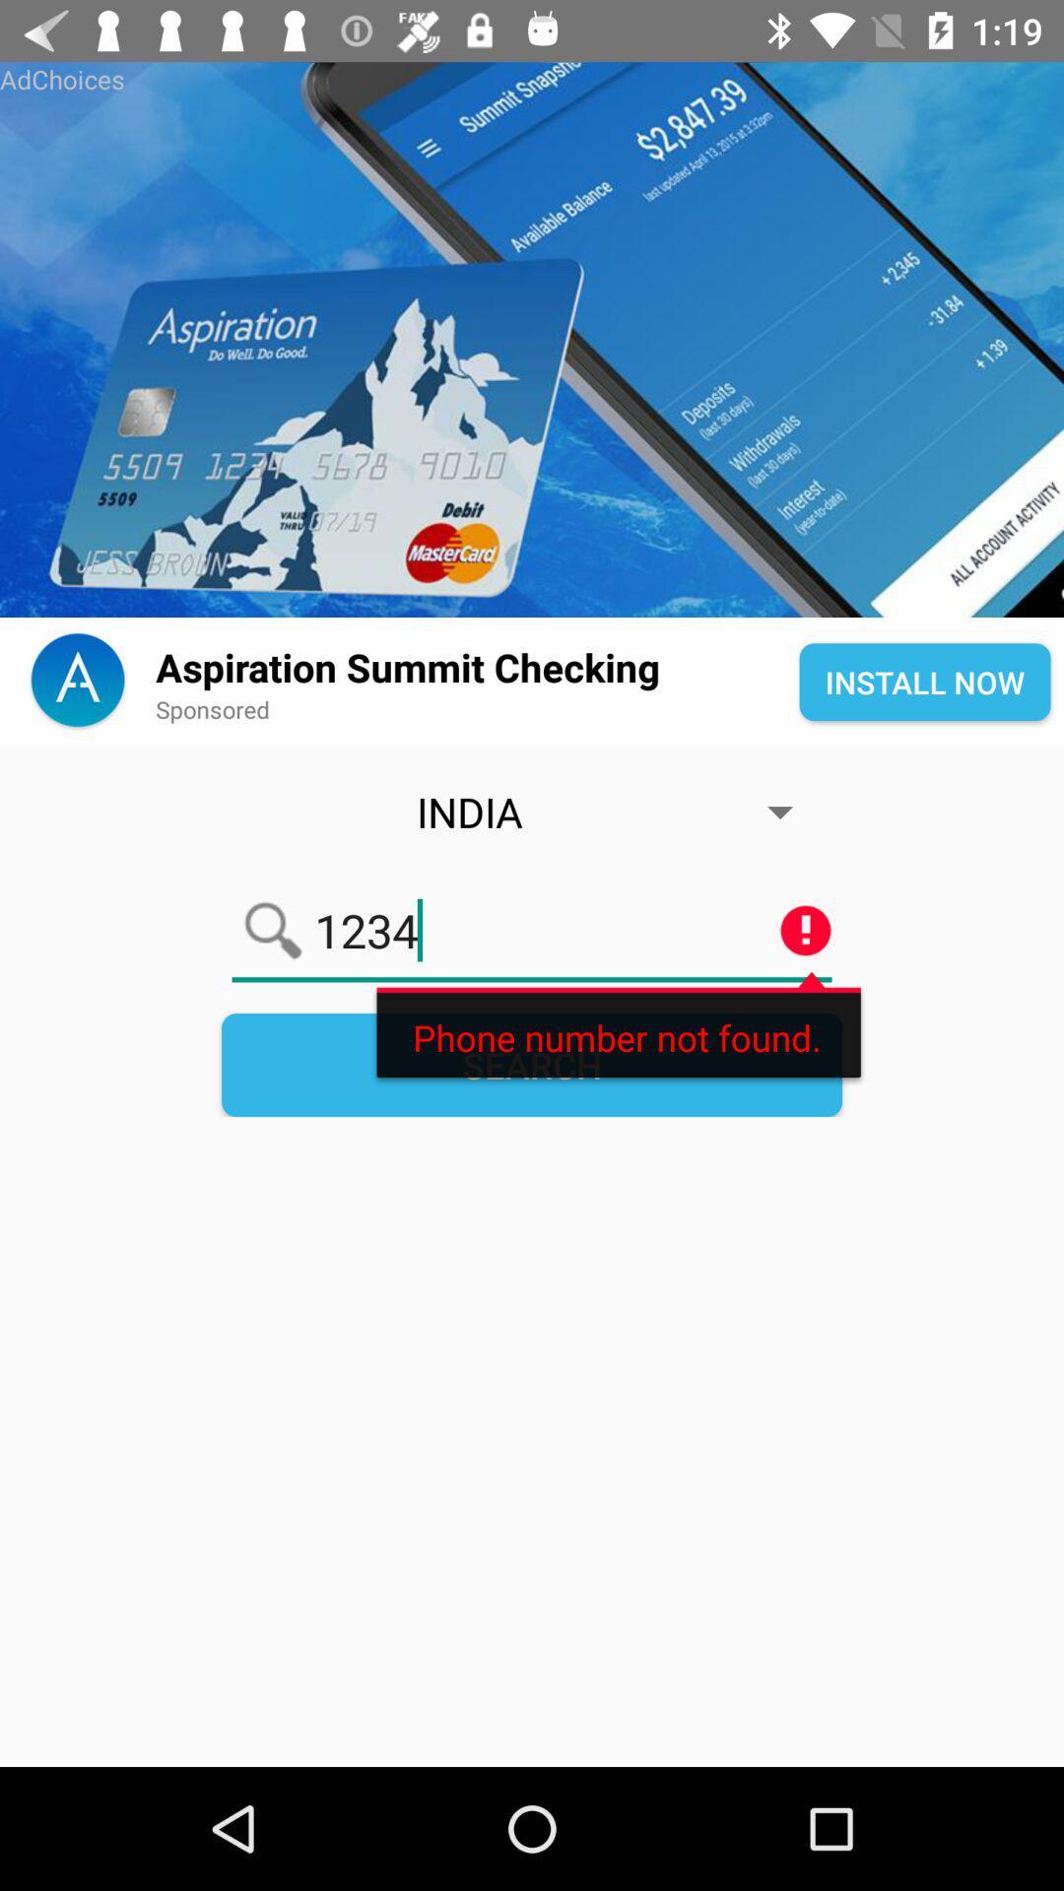 This screenshot has width=1064, height=1891. What do you see at coordinates (532, 340) in the screenshot?
I see `share the article` at bounding box center [532, 340].